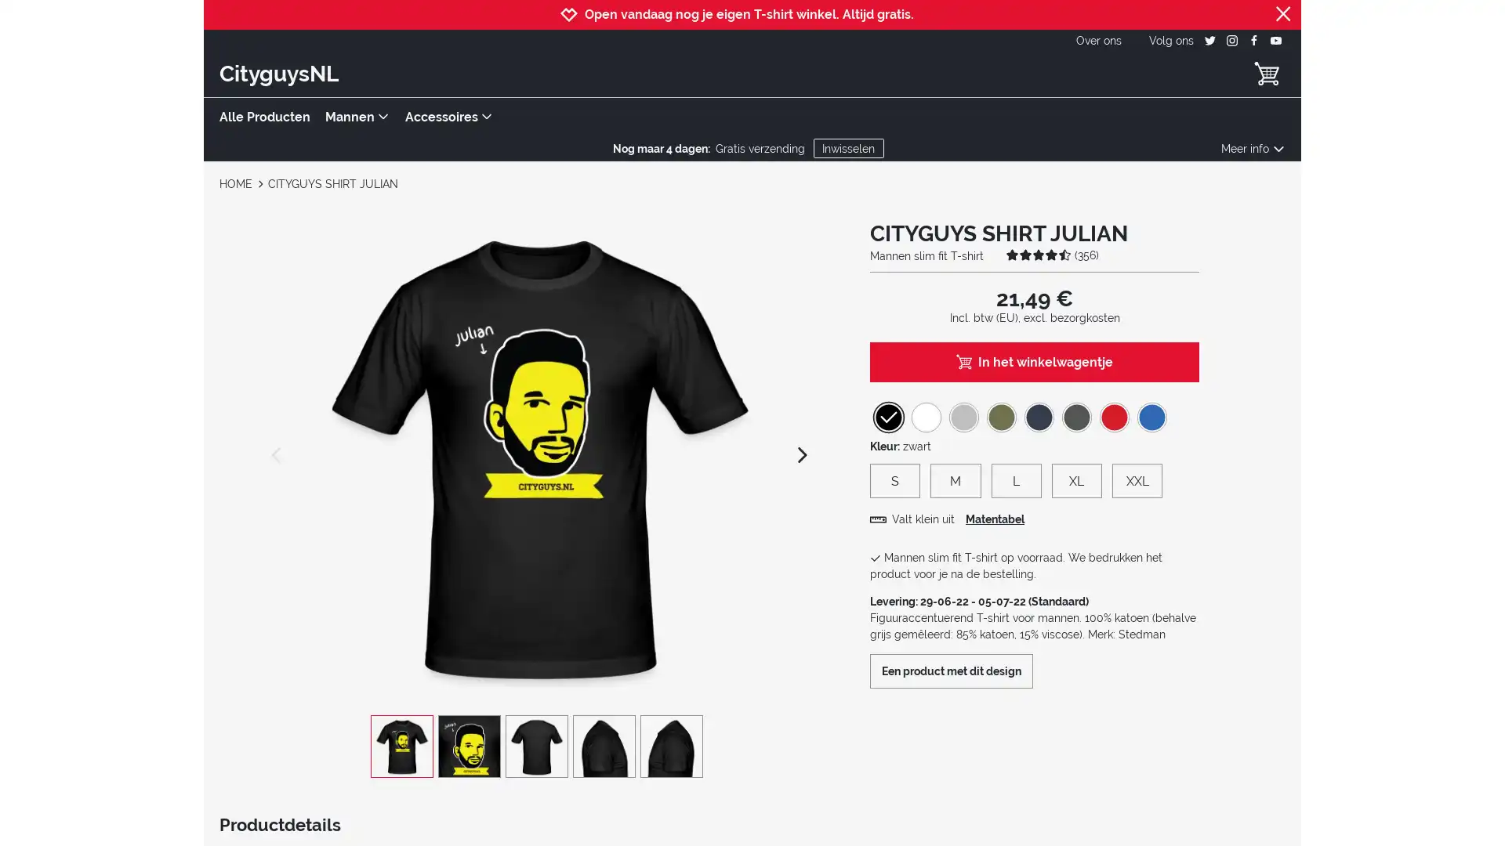 Image resolution: width=1505 pixels, height=846 pixels. What do you see at coordinates (1252, 148) in the screenshot?
I see `Meer info` at bounding box center [1252, 148].